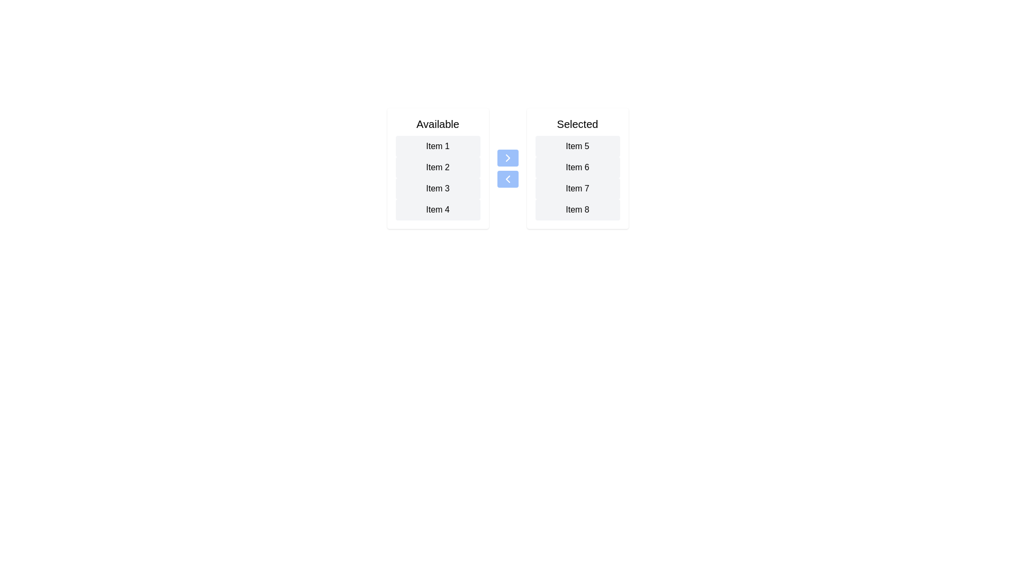 The image size is (1016, 571). What do you see at coordinates (507, 179) in the screenshot?
I see `the leftward chevron icon ('<') located in the blue button between the 'Available' and 'Selected' panels` at bounding box center [507, 179].